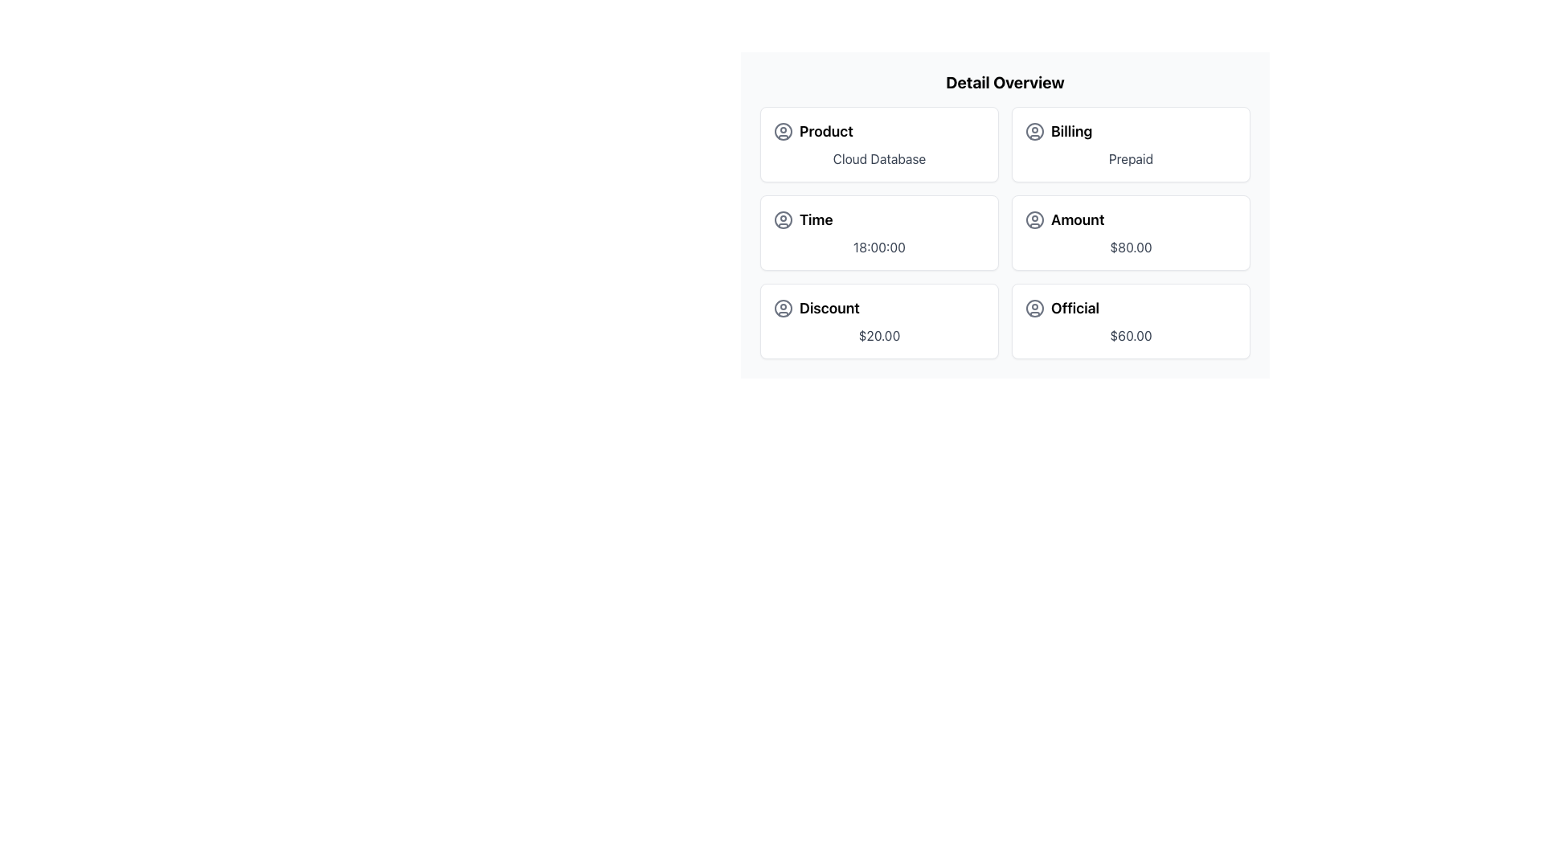  Describe the element at coordinates (783, 309) in the screenshot. I see `the SVG Circle located in the 'Discount' section, positioned centrally to the text and other visual components` at that location.